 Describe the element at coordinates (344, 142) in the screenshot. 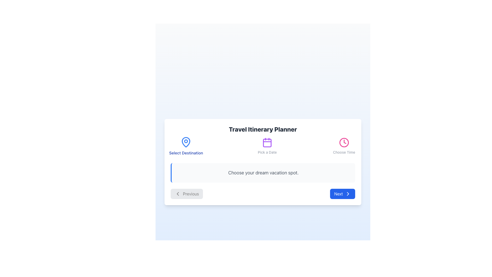

I see `the clock icon with a pink outline and gradient fill located in the 'Choose Time' section, which is the rightmost option in a horizontal group of three` at that location.